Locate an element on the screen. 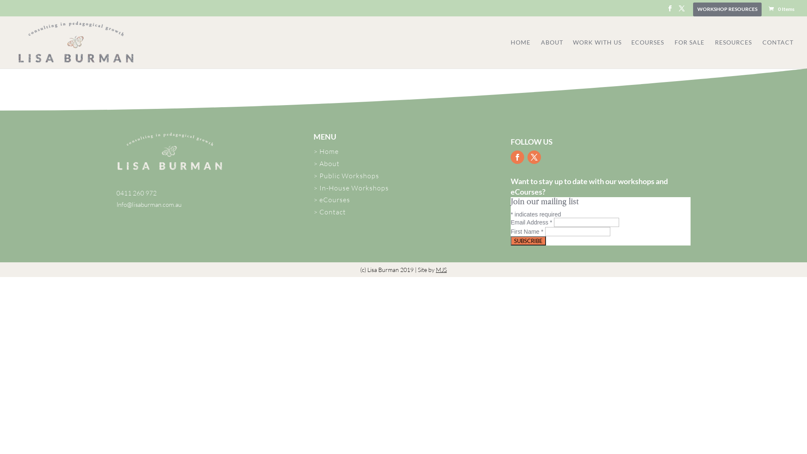 The width and height of the screenshot is (807, 454). '> Home' is located at coordinates (326, 150).